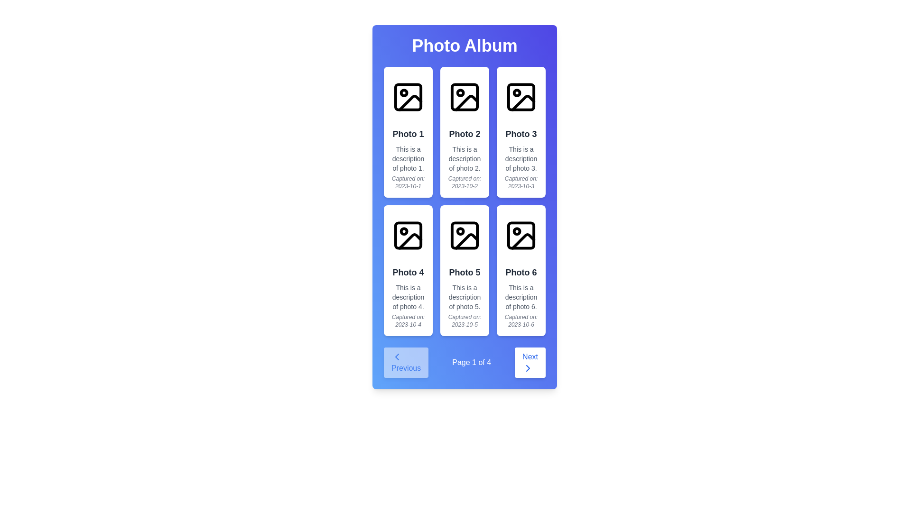  I want to click on the third card in the last row of a grid, which features rounded edges, a white background, and contains the title 'Photo 6', the description 'This is a description of photo 6.', and the date 'Captured on: 2023-10-6', so click(521, 270).